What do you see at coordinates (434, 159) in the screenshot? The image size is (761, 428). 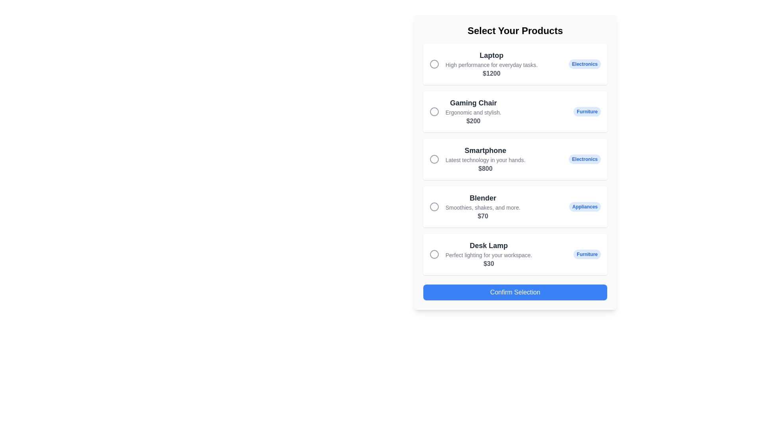 I see `the radio button adjacent to the text 'Smartphone'` at bounding box center [434, 159].